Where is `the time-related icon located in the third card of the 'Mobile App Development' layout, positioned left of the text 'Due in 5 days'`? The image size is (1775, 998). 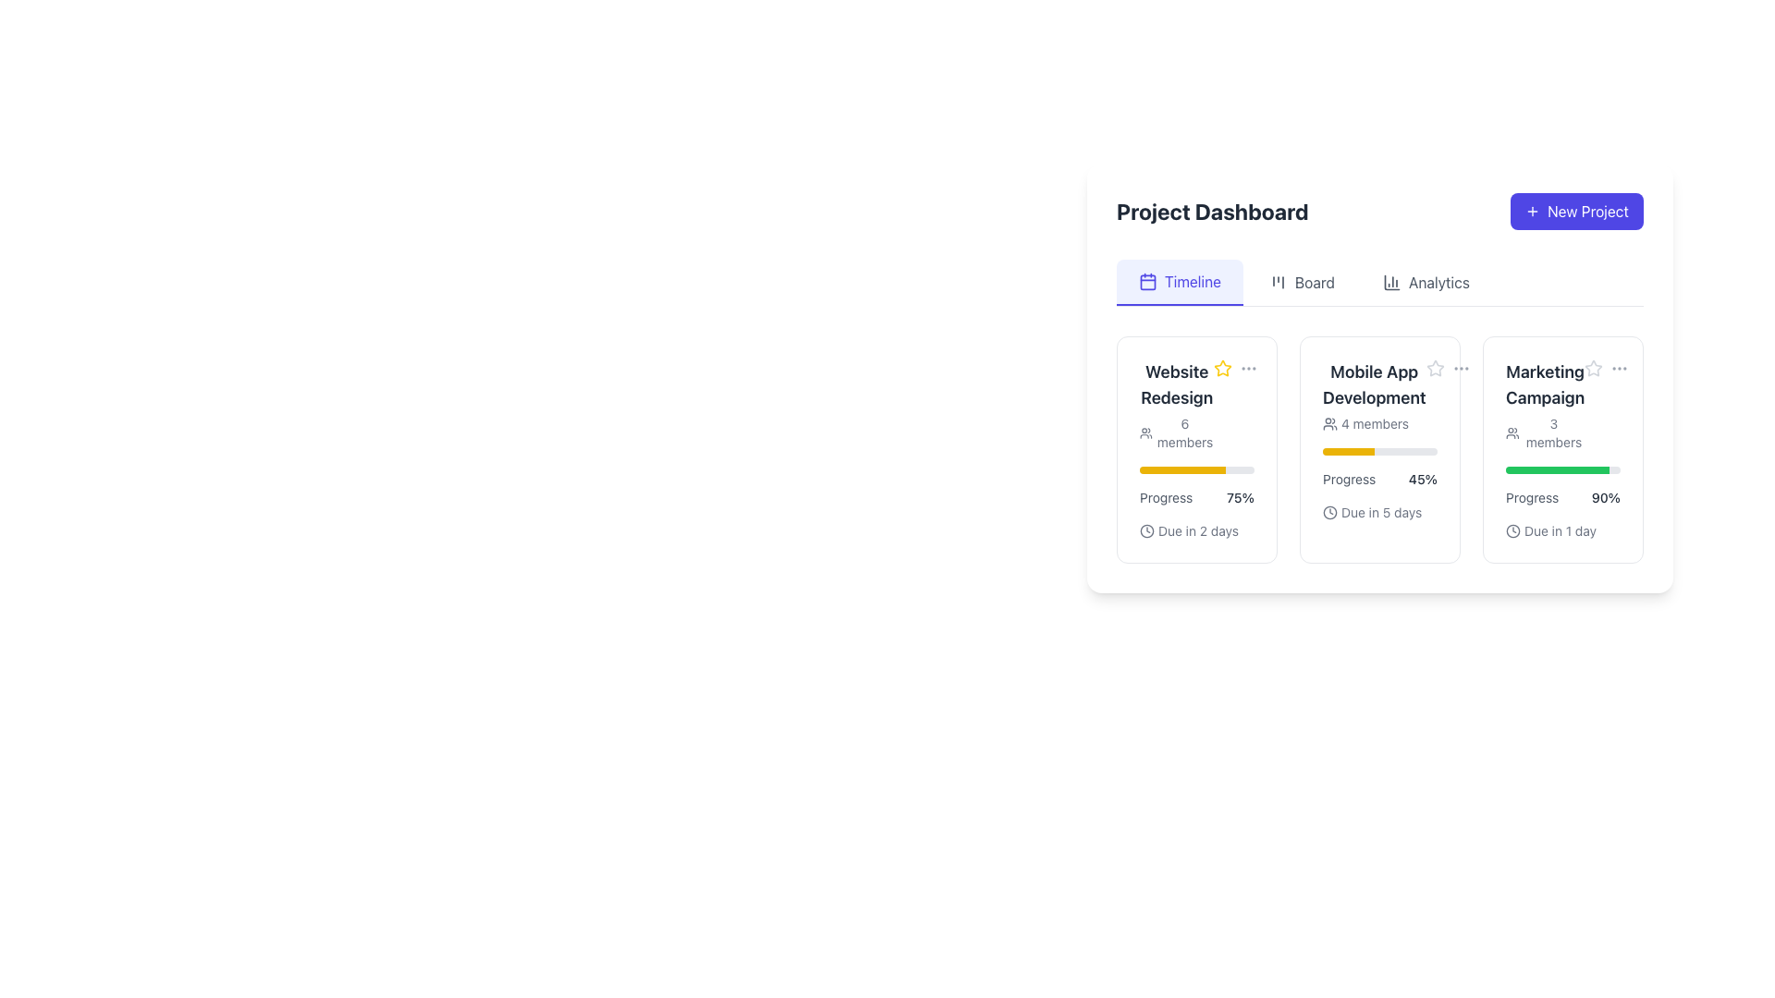
the time-related icon located in the third card of the 'Mobile App Development' layout, positioned left of the text 'Due in 5 days' is located at coordinates (1329, 513).